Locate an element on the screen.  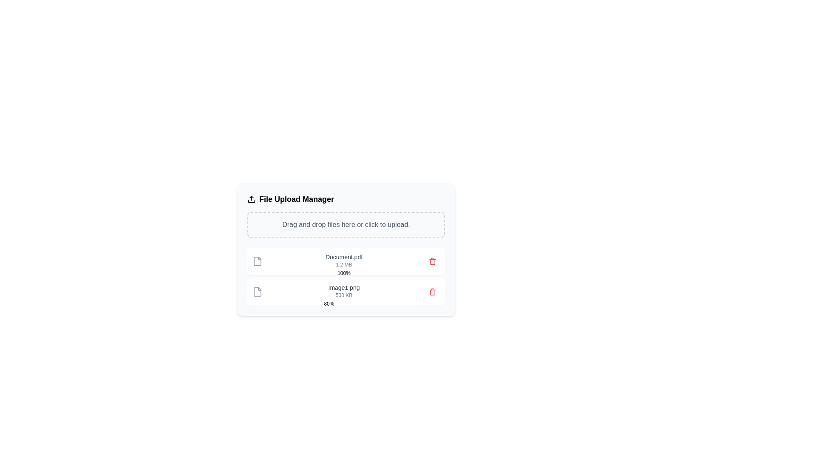
inside the interactive file upload area, which has a dashed outline and the text 'Drag and drop files here or click to upload.' is located at coordinates (346, 224).